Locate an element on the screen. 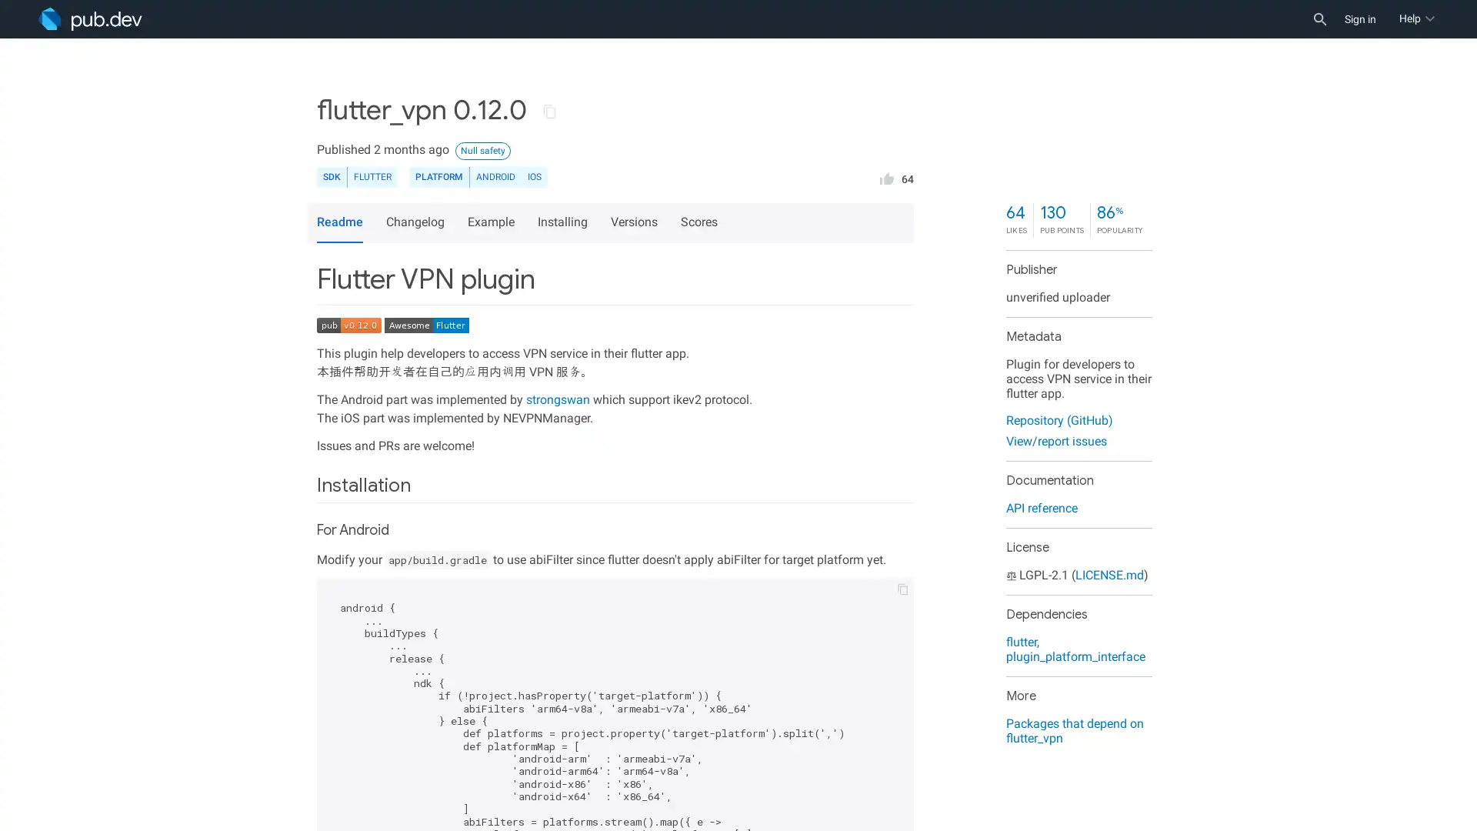 This screenshot has height=831, width=1477. Scores is located at coordinates (701, 222).